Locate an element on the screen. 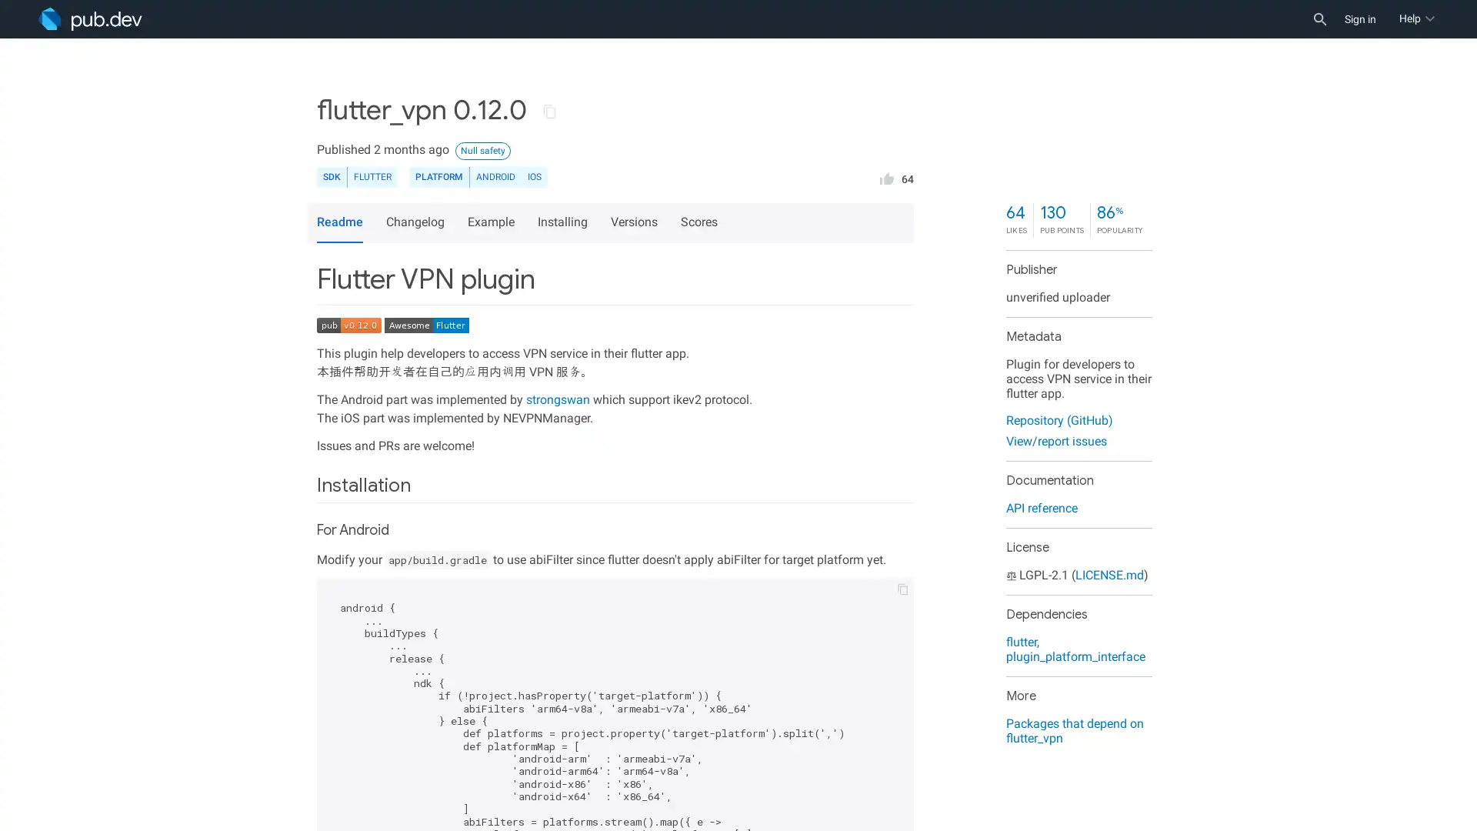 This screenshot has height=831, width=1477. Scores is located at coordinates (701, 222).